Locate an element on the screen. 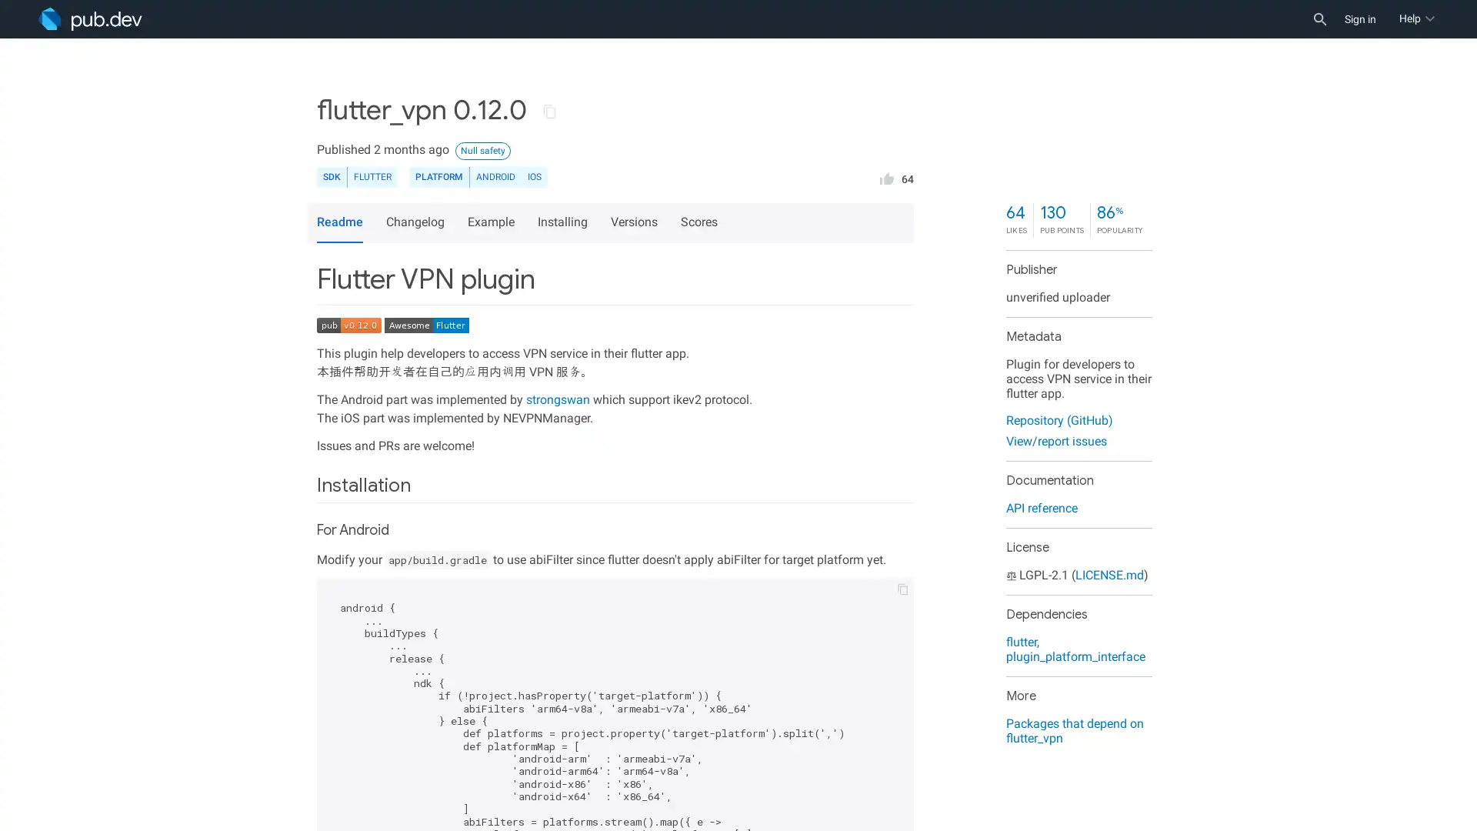 This screenshot has height=831, width=1477. Scores is located at coordinates (701, 222).